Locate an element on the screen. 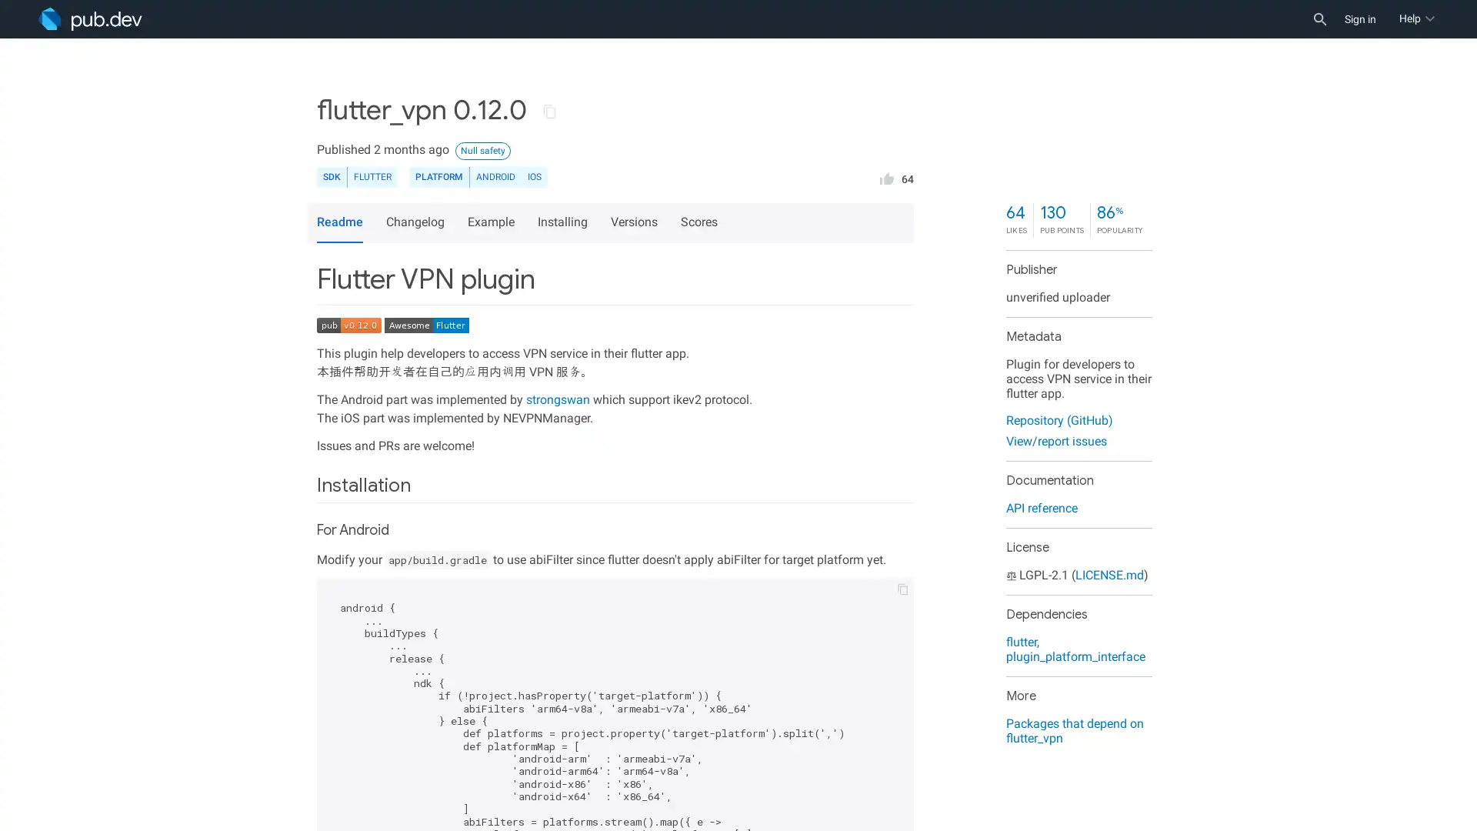 This screenshot has height=831, width=1477. Scores is located at coordinates (701, 222).